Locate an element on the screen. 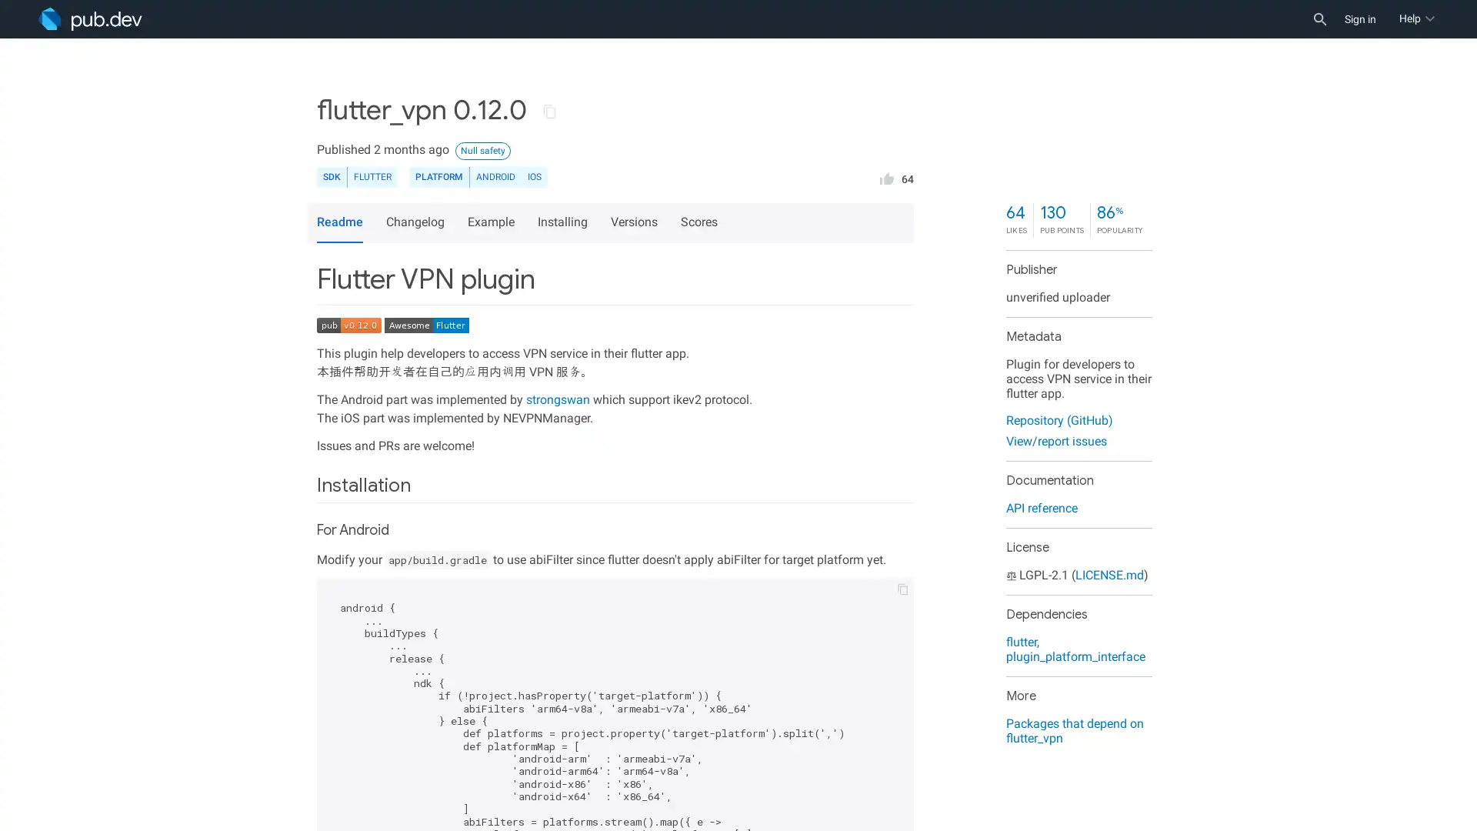 This screenshot has height=831, width=1477. Scores is located at coordinates (701, 222).